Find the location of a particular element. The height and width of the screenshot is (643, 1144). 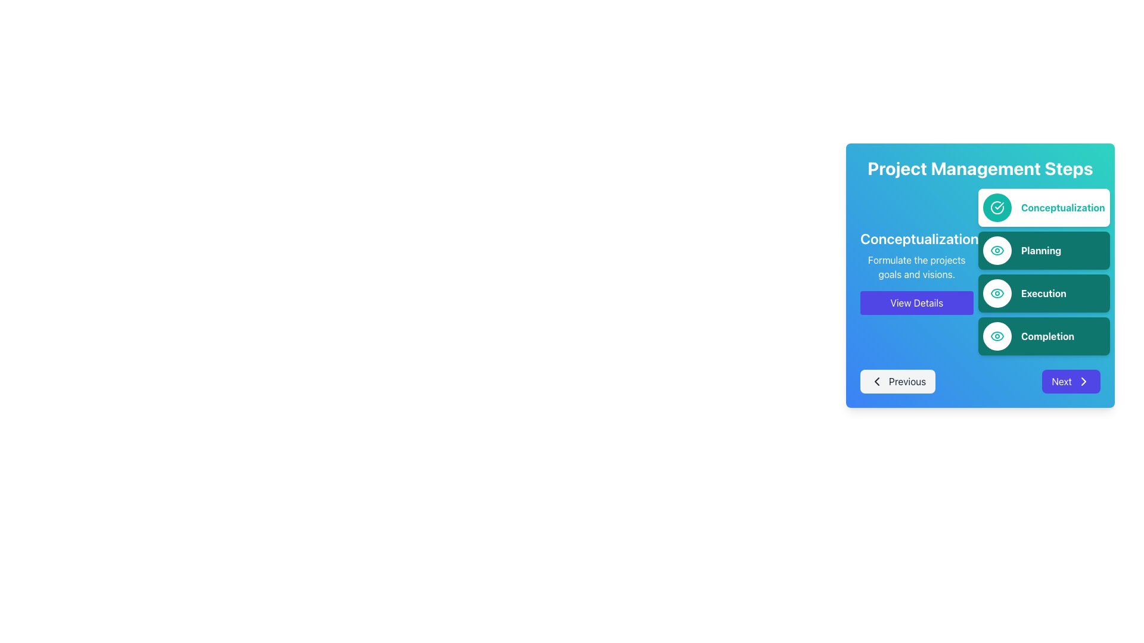

the 'View Details' button with an indigo background and white text, located beneath the text 'Formulate the projects goals and visions.' is located at coordinates (916, 302).